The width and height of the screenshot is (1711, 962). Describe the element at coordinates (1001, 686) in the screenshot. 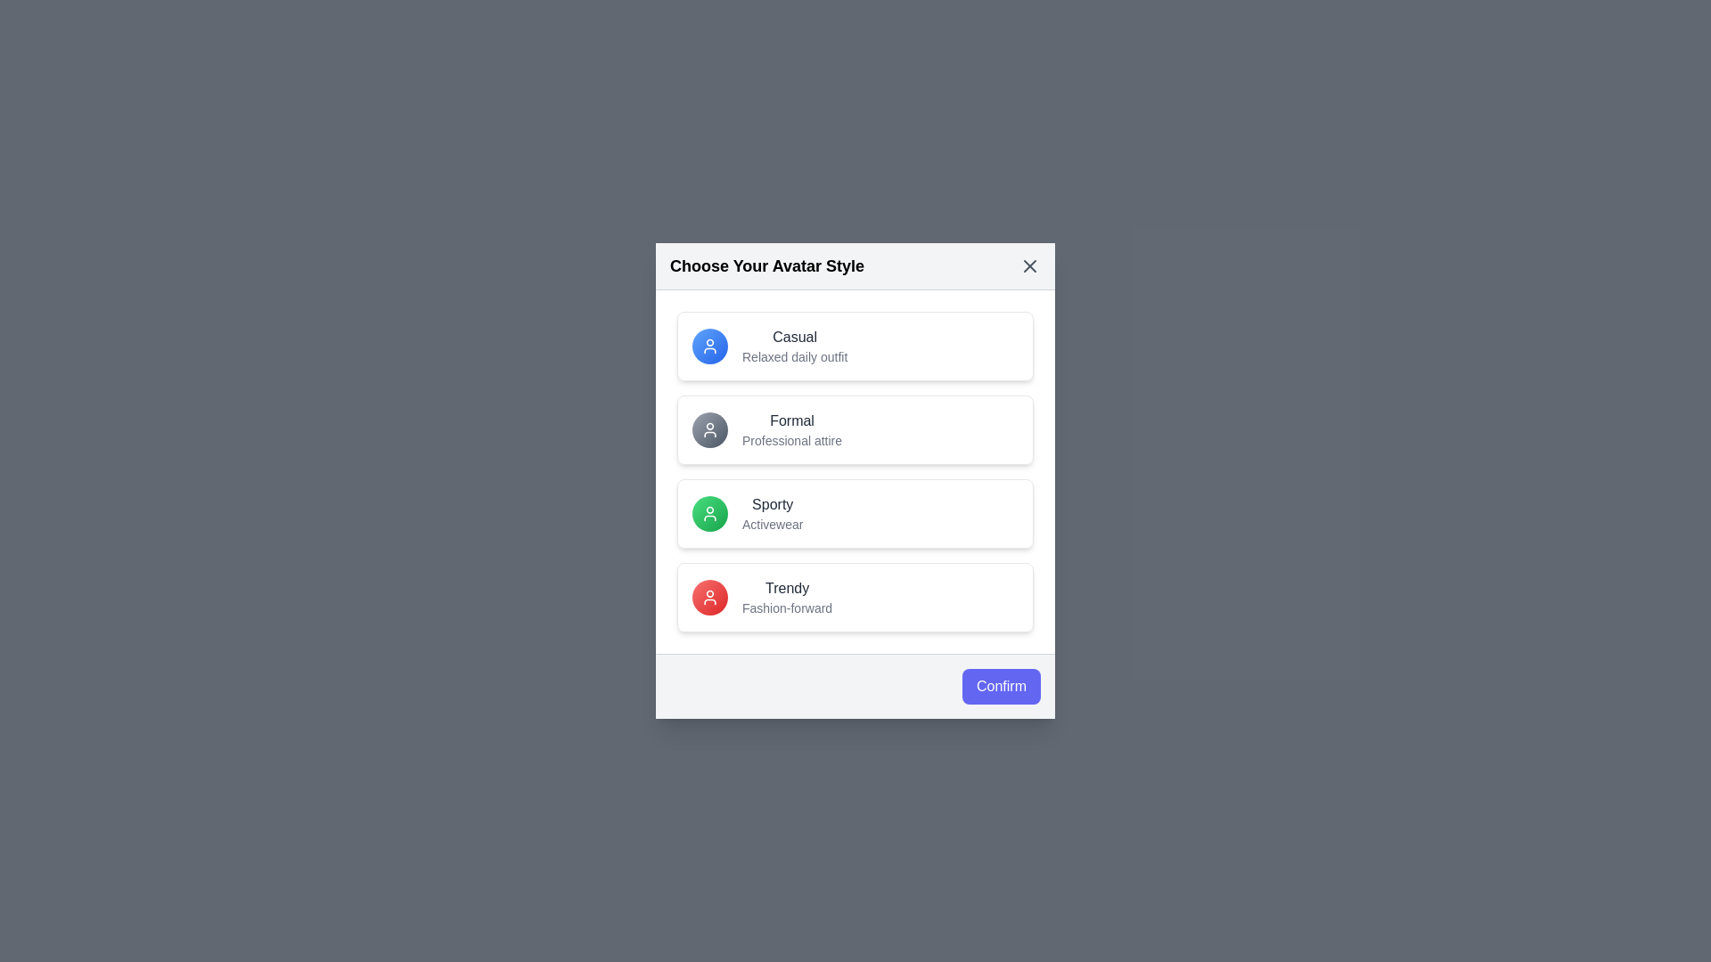

I see `the confirm button to confirm the selected avatar` at that location.